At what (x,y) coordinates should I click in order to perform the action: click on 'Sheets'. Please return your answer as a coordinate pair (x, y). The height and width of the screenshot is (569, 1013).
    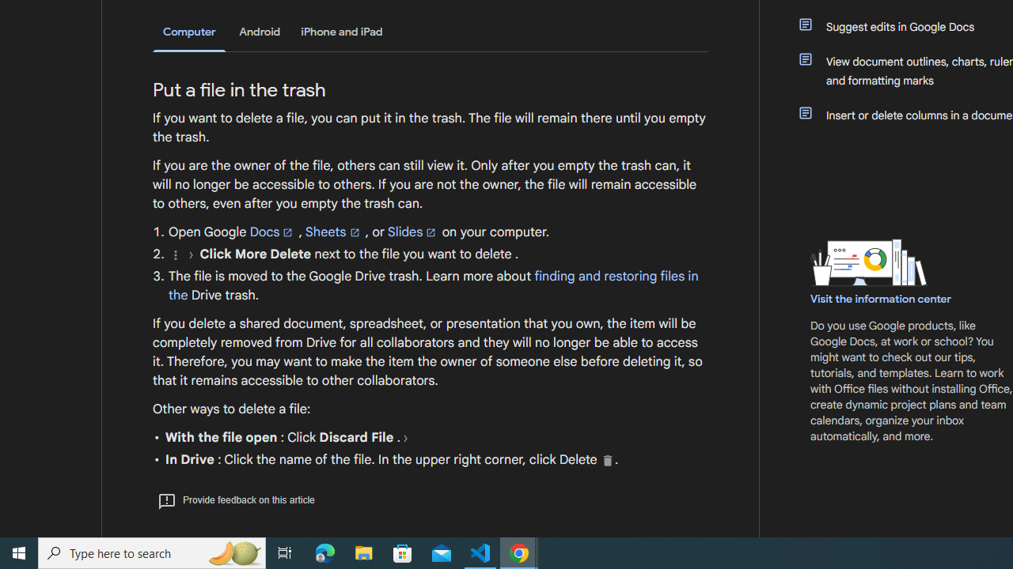
    Looking at the image, I should click on (332, 232).